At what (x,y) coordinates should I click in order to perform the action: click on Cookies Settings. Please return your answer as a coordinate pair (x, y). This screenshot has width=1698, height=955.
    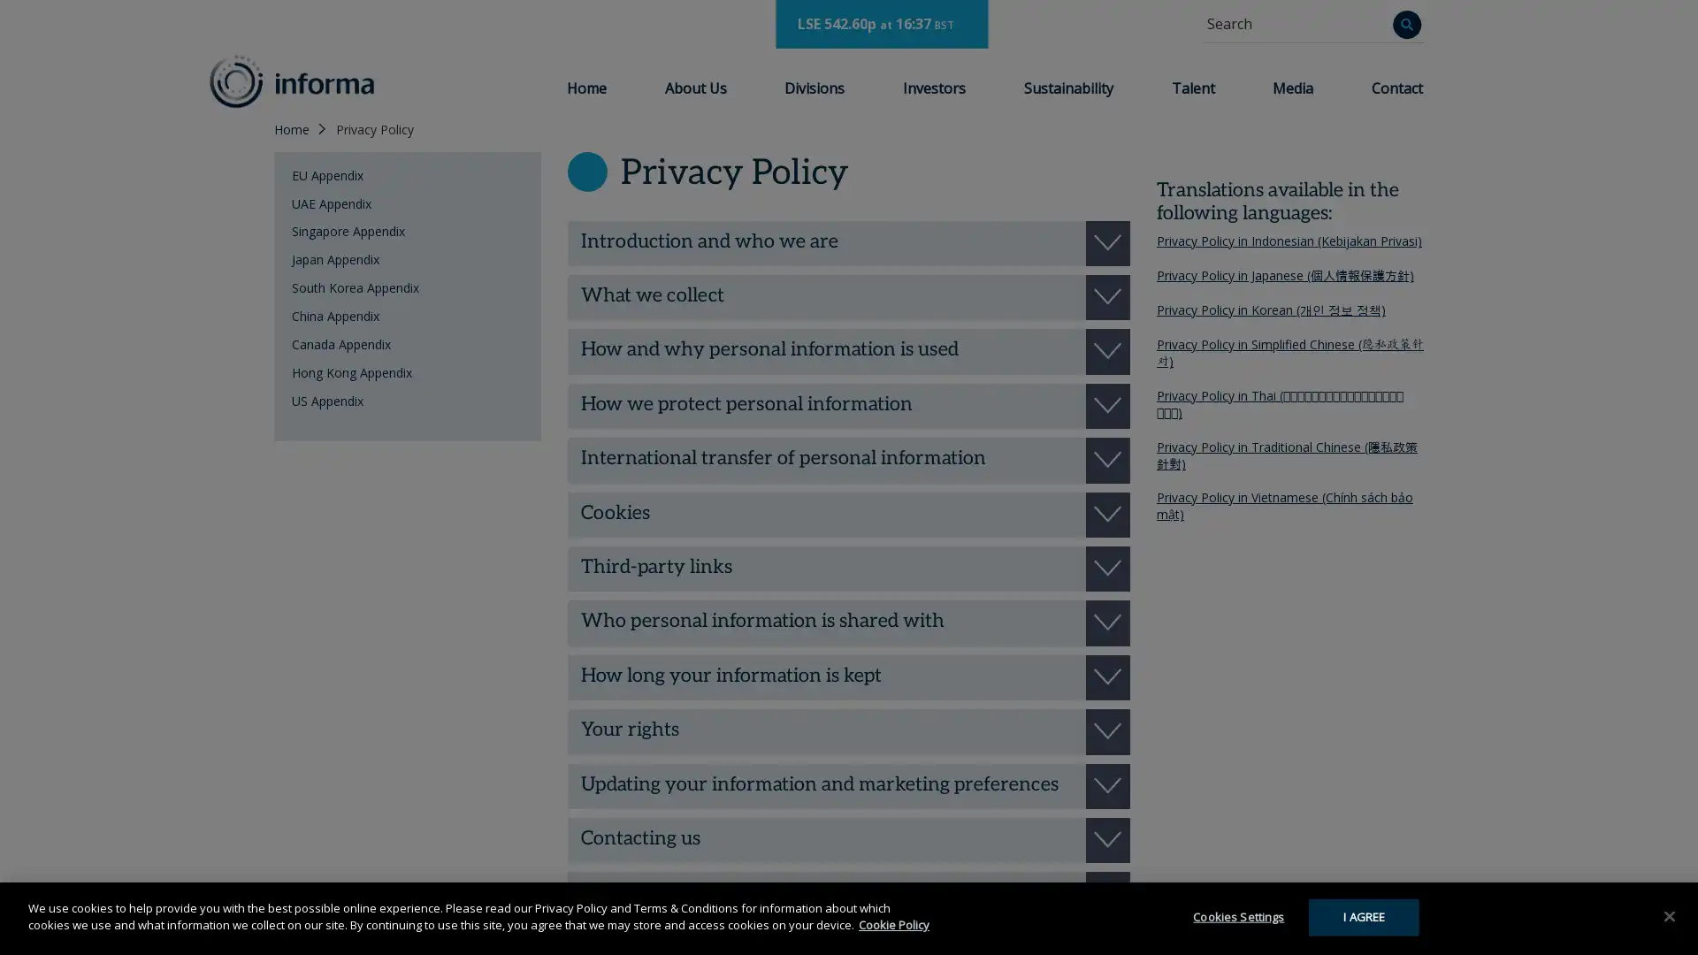
    Looking at the image, I should click on (1237, 916).